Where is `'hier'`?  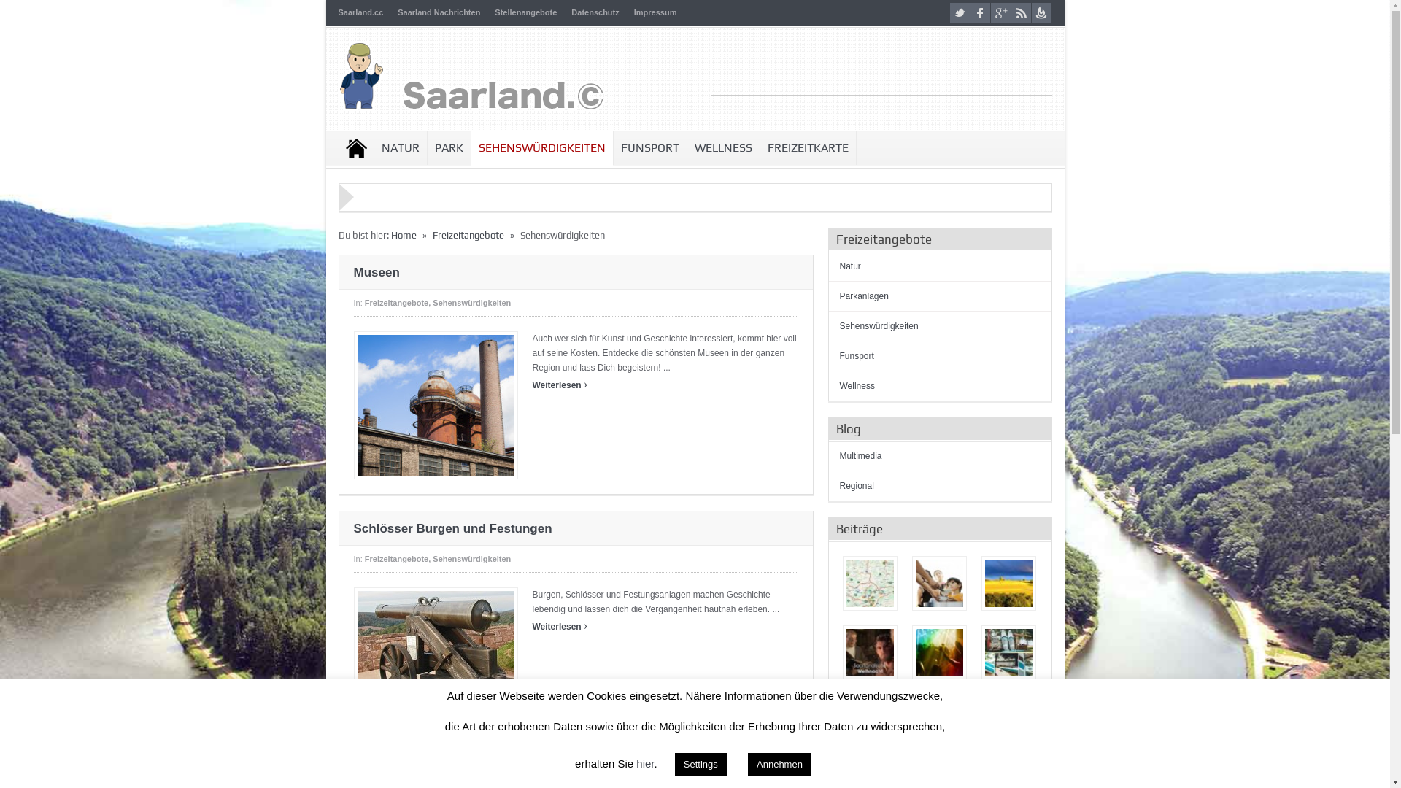 'hier' is located at coordinates (644, 762).